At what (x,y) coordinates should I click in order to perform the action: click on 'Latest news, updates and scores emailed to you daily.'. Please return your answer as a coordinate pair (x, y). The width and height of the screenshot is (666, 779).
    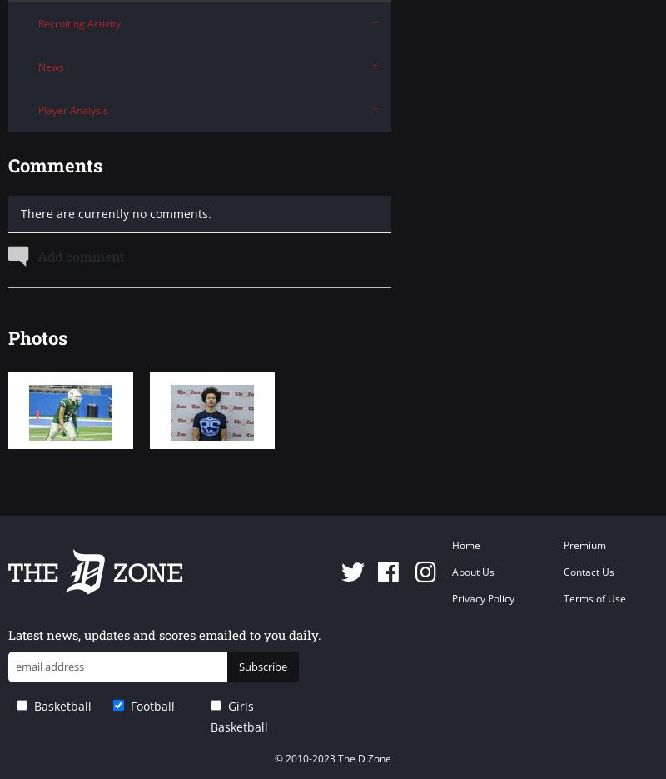
    Looking at the image, I should click on (8, 633).